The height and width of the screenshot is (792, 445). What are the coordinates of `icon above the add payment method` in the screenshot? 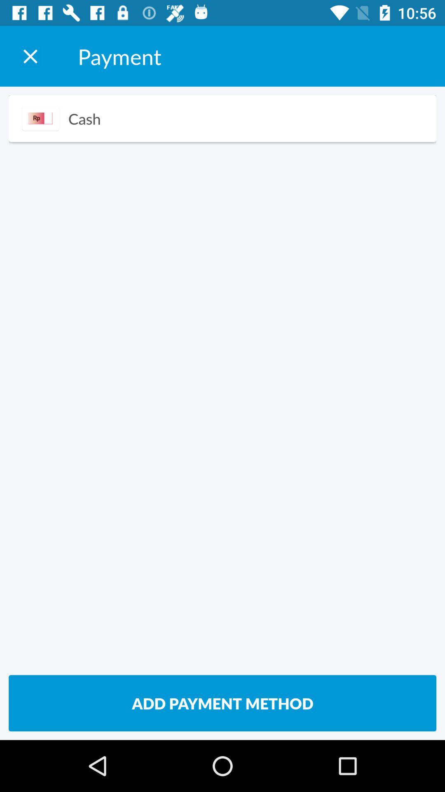 It's located at (84, 118).